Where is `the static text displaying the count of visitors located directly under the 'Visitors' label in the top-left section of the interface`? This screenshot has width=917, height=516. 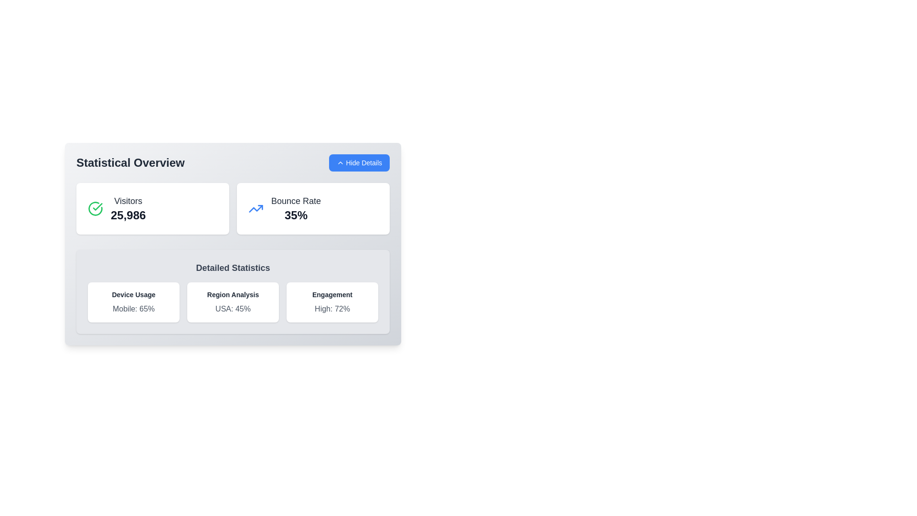 the static text displaying the count of visitors located directly under the 'Visitors' label in the top-left section of the interface is located at coordinates (128, 215).